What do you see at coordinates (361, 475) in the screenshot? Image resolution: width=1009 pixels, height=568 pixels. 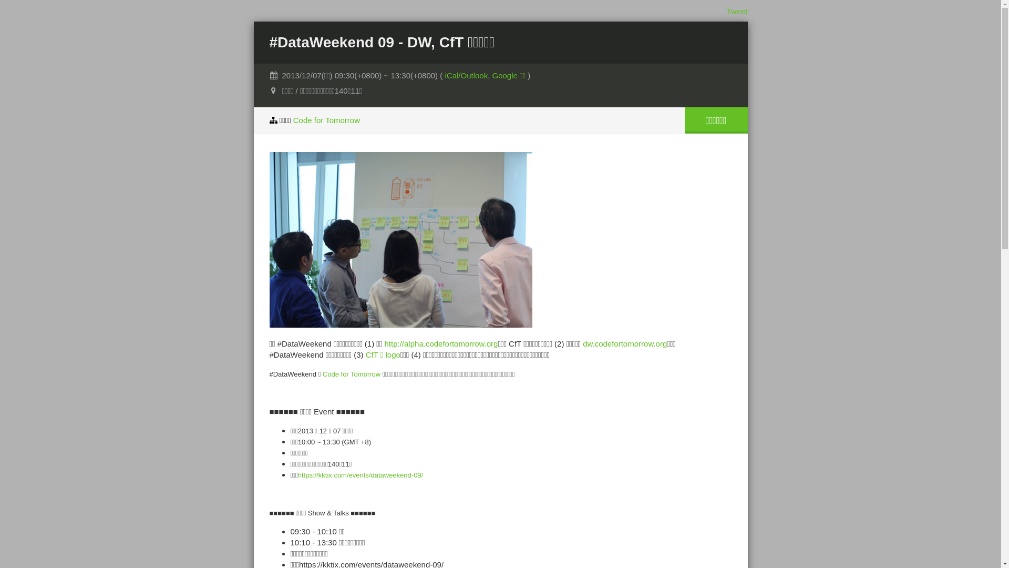 I see `'https://kktix.com/events/dataweekend-09/'` at bounding box center [361, 475].